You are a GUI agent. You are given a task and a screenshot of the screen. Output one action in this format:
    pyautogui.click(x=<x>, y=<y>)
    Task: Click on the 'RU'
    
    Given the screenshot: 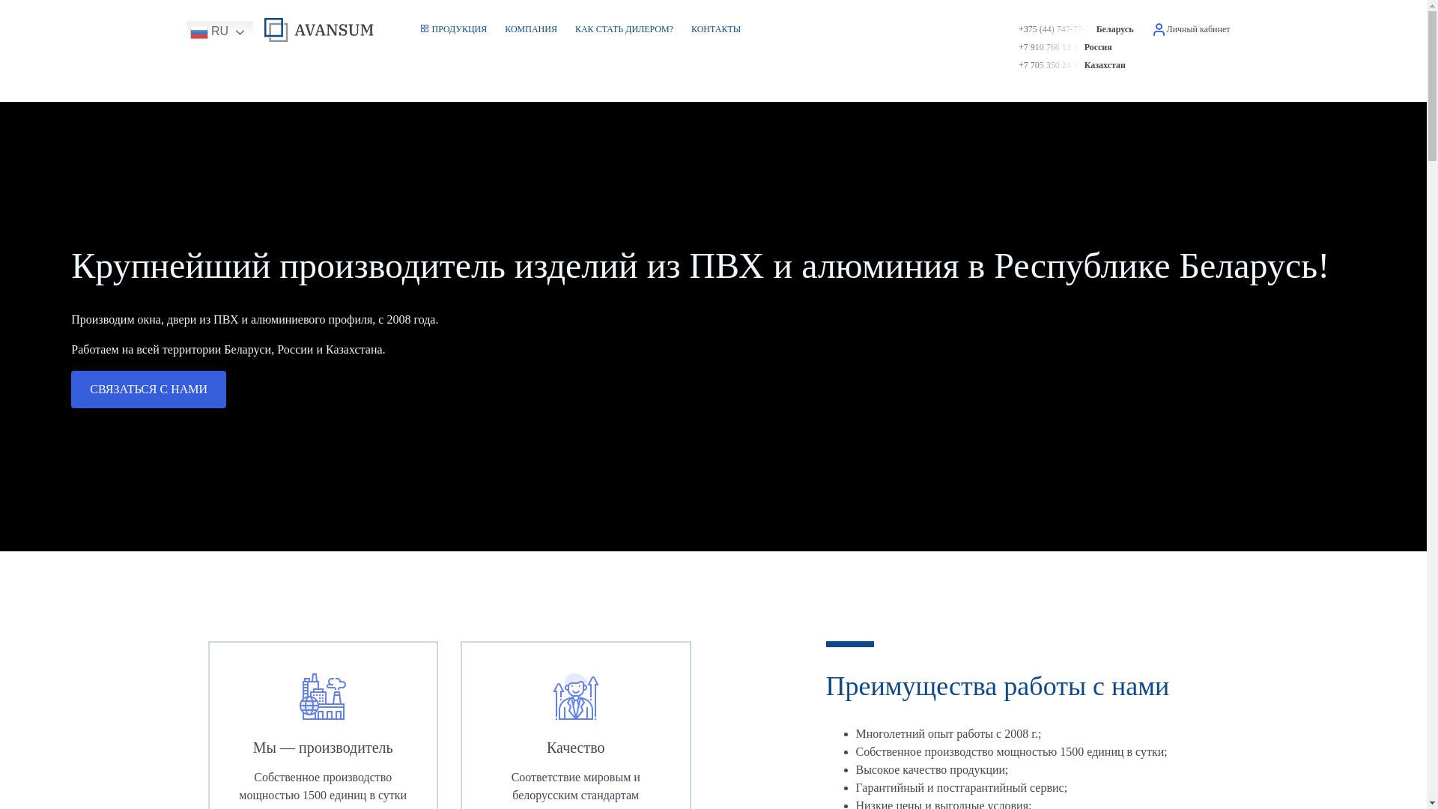 What is the action you would take?
    pyautogui.click(x=185, y=31)
    